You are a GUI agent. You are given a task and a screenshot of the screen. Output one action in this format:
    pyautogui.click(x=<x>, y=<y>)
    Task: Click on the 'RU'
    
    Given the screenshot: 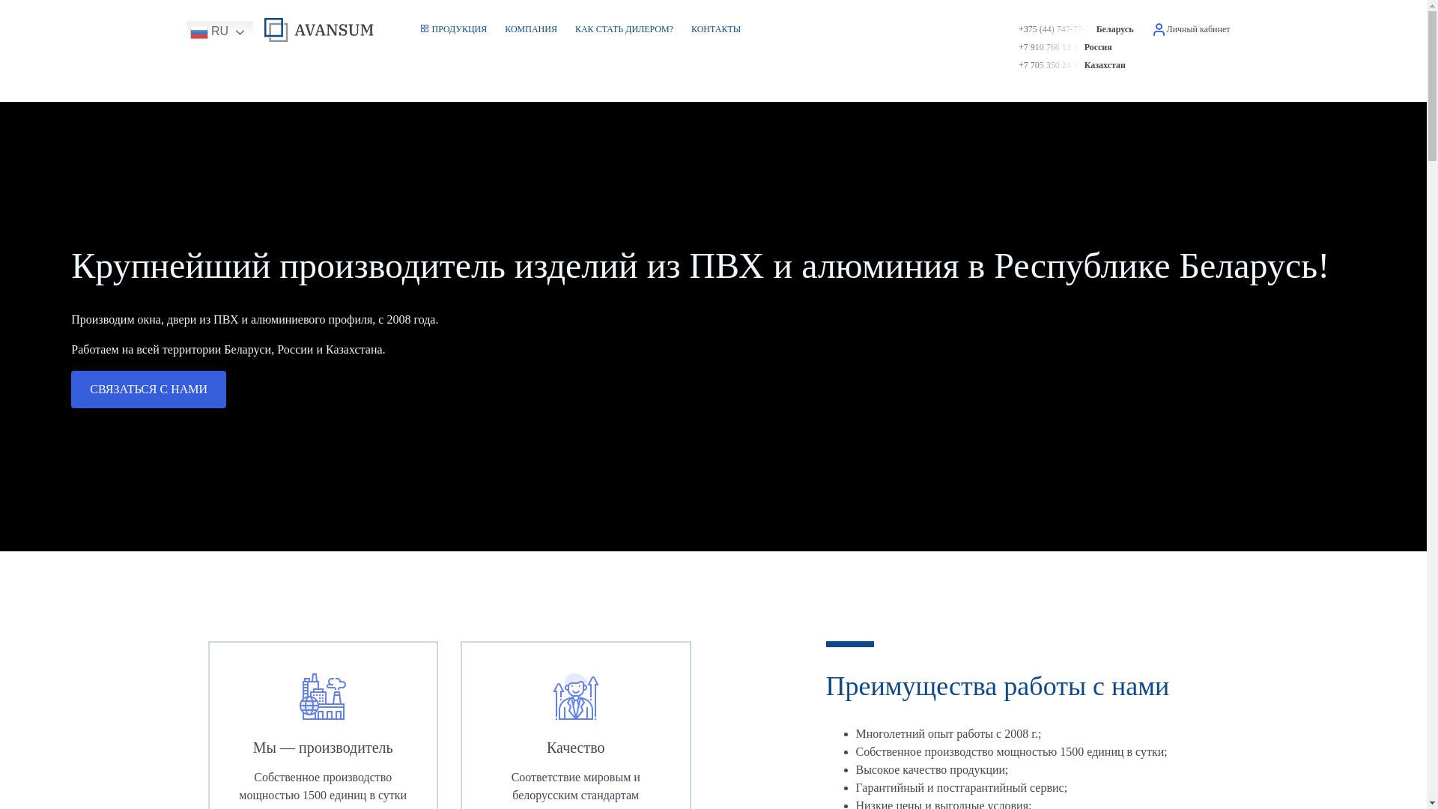 What is the action you would take?
    pyautogui.click(x=185, y=31)
    